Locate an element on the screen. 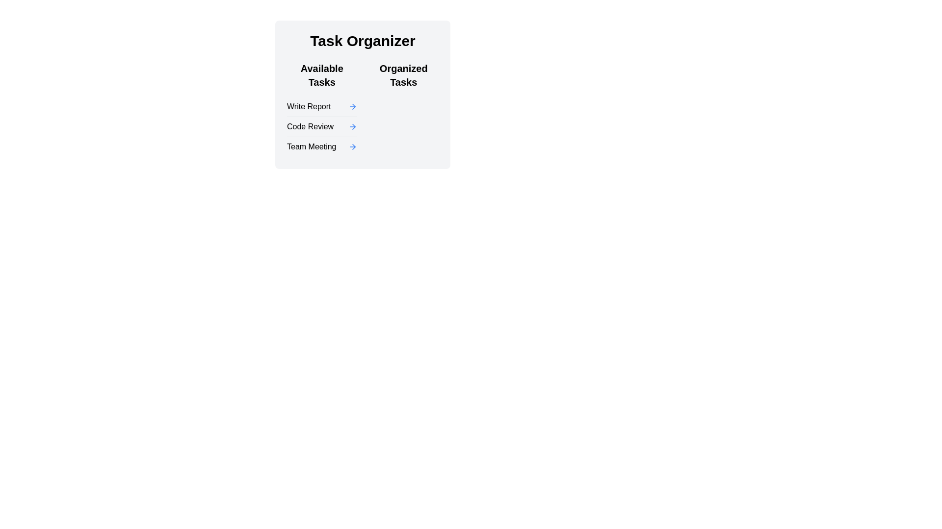 This screenshot has height=529, width=942. the 'Team Meeting' list item is located at coordinates (322, 147).